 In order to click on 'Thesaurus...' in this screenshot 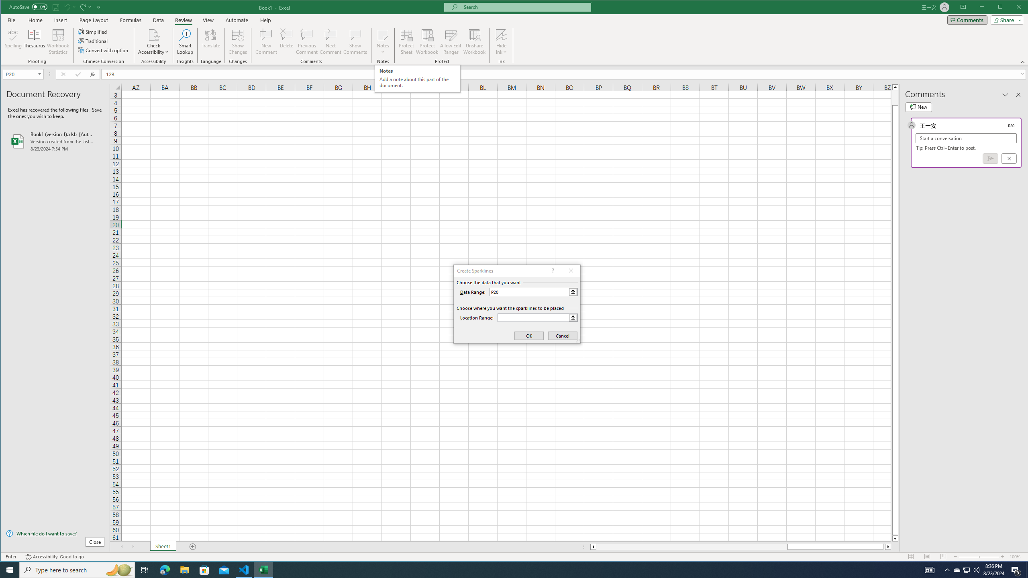, I will do `click(34, 41)`.